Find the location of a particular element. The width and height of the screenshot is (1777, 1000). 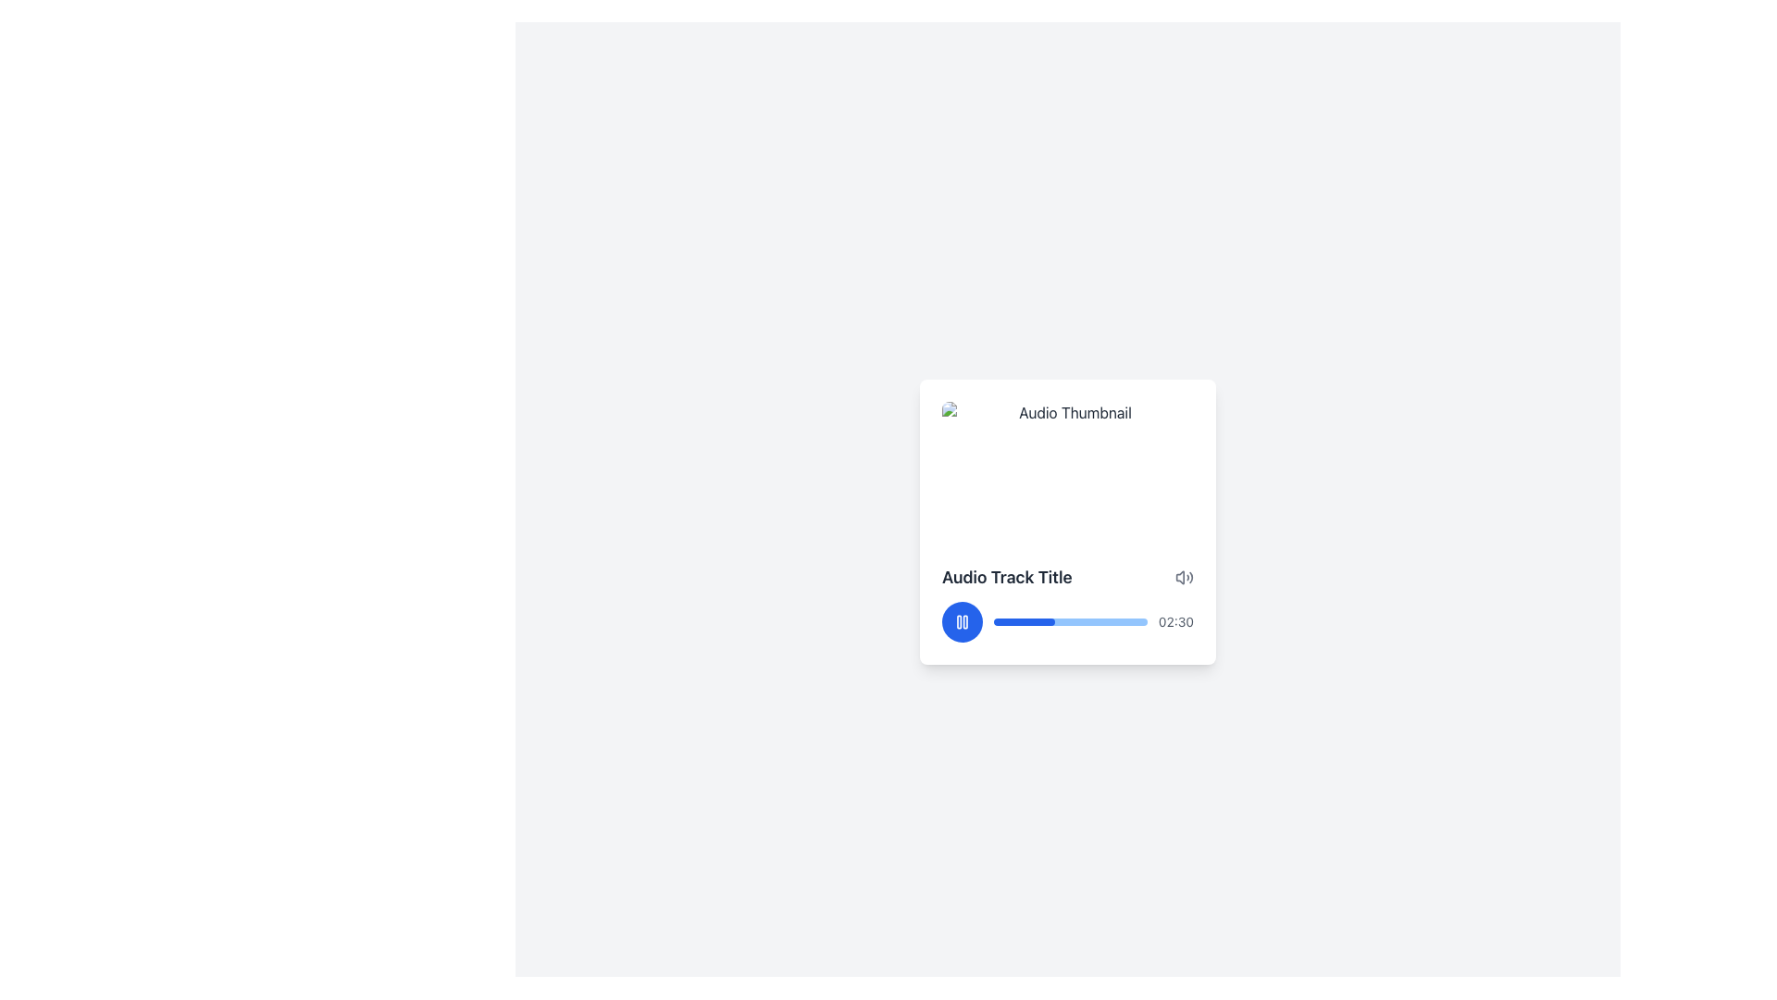

audio track progress is located at coordinates (1058, 621).